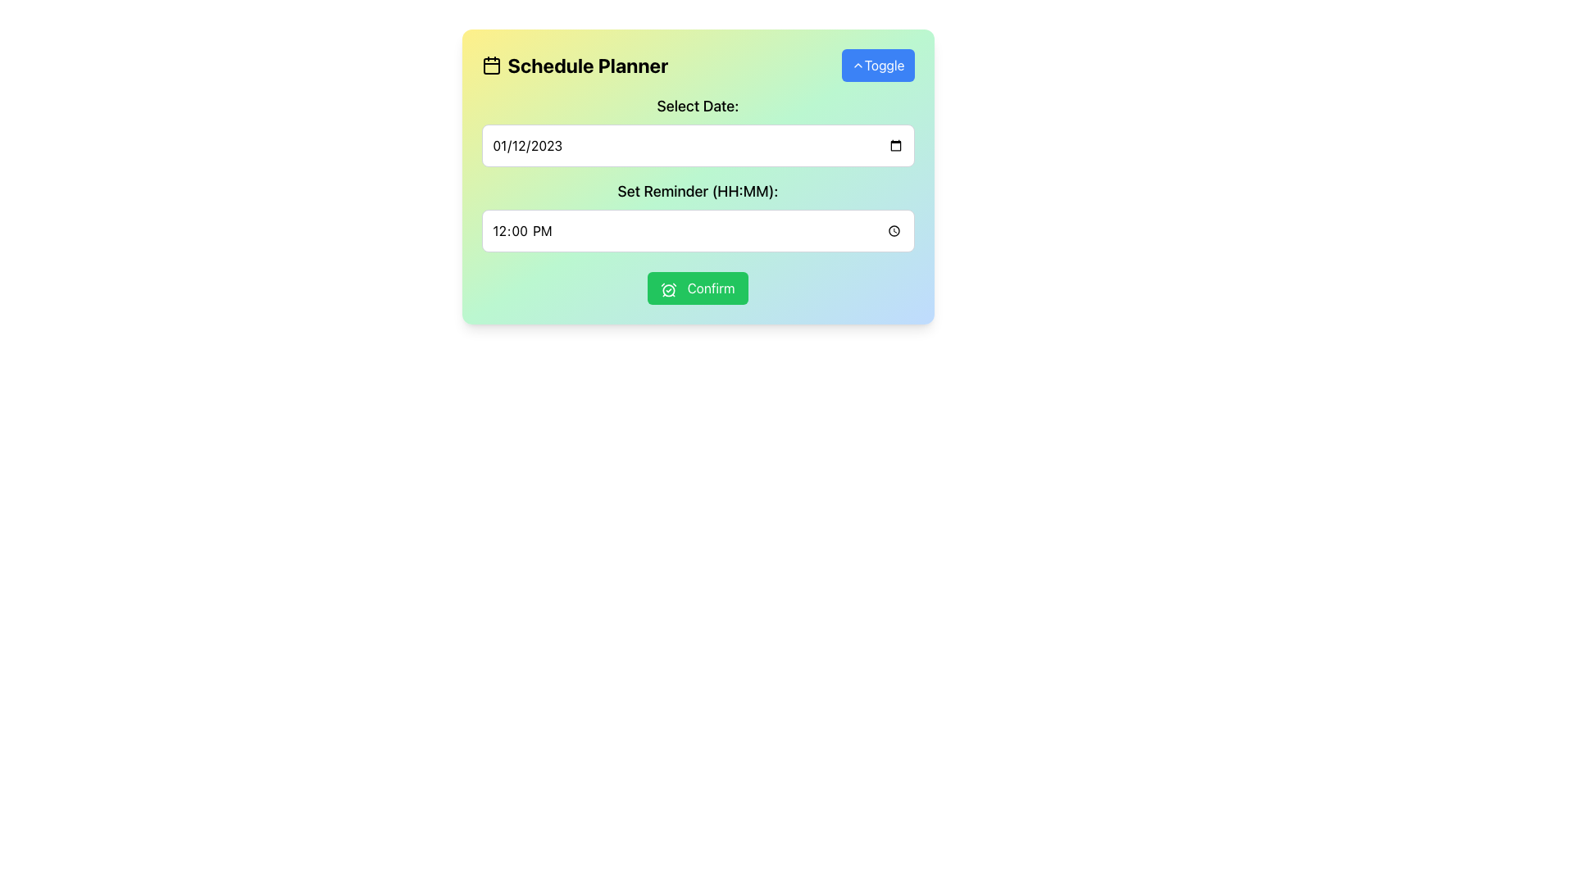 The width and height of the screenshot is (1574, 885). I want to click on the decorative calendar icon located to the left of the 'Schedule Planner' title at the top of the UI section, so click(490, 65).